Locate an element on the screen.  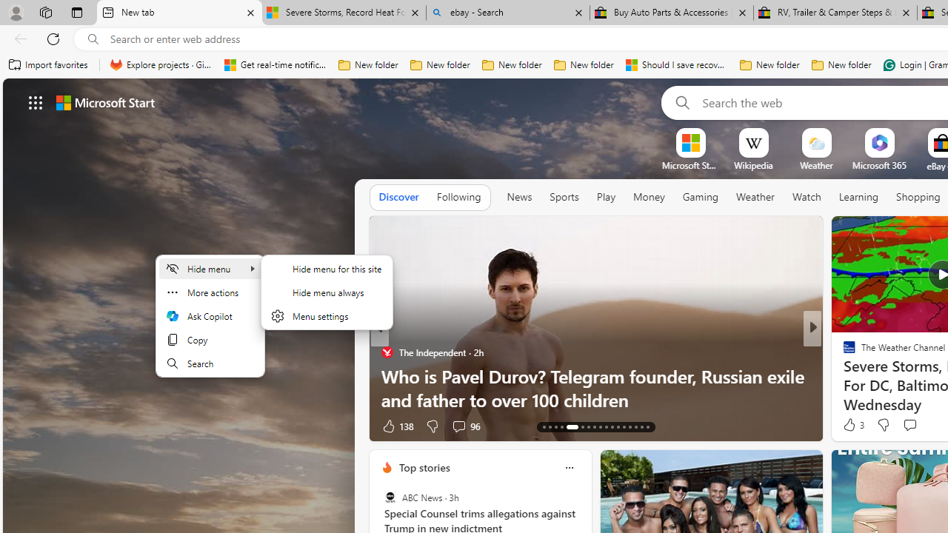
'Sports' is located at coordinates (563, 196).